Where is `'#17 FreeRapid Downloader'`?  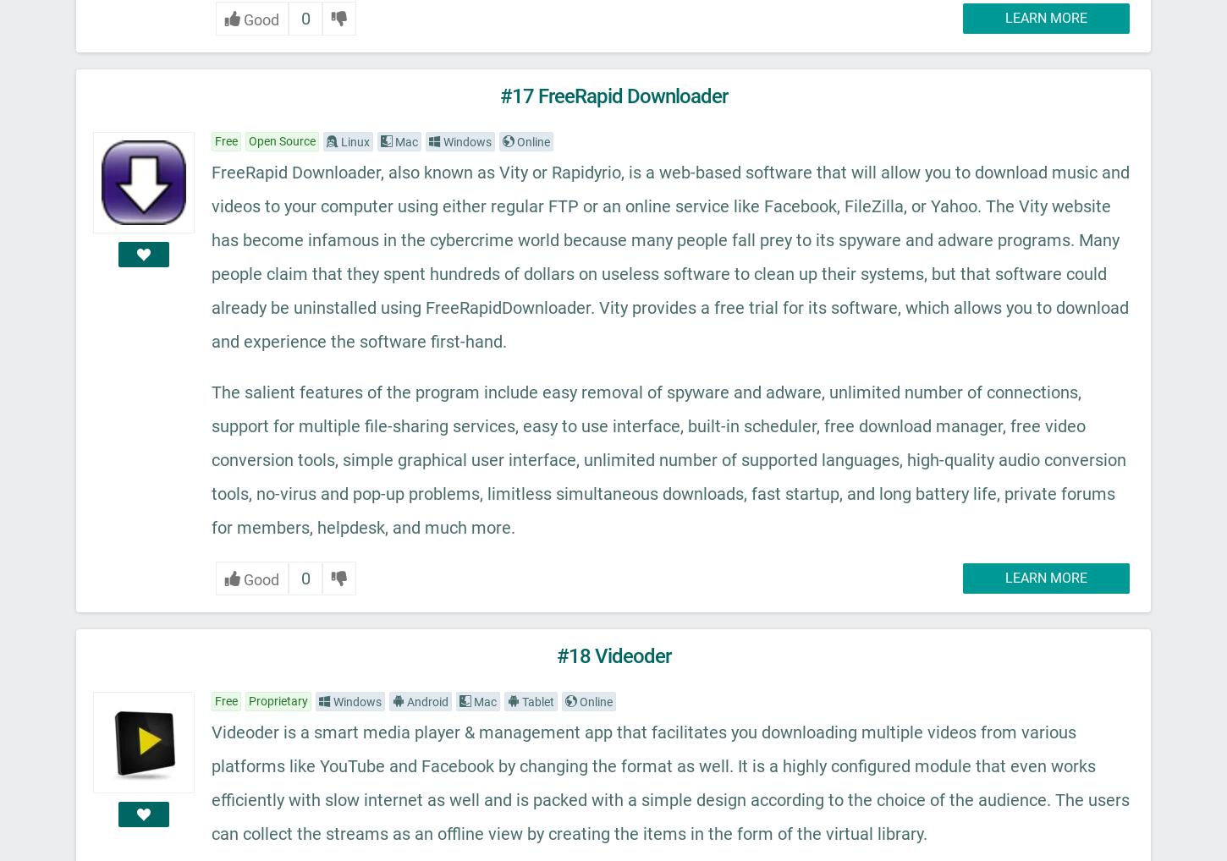
'#17 FreeRapid Downloader' is located at coordinates (612, 96).